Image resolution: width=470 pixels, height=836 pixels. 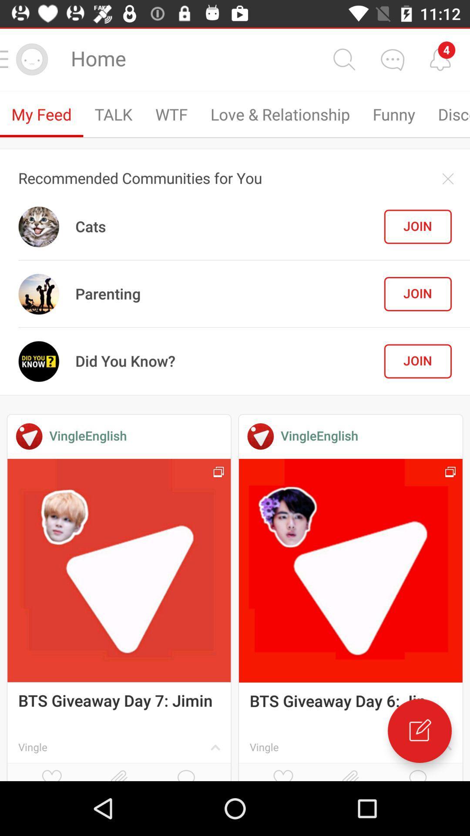 I want to click on the notifications icon, so click(x=440, y=59).